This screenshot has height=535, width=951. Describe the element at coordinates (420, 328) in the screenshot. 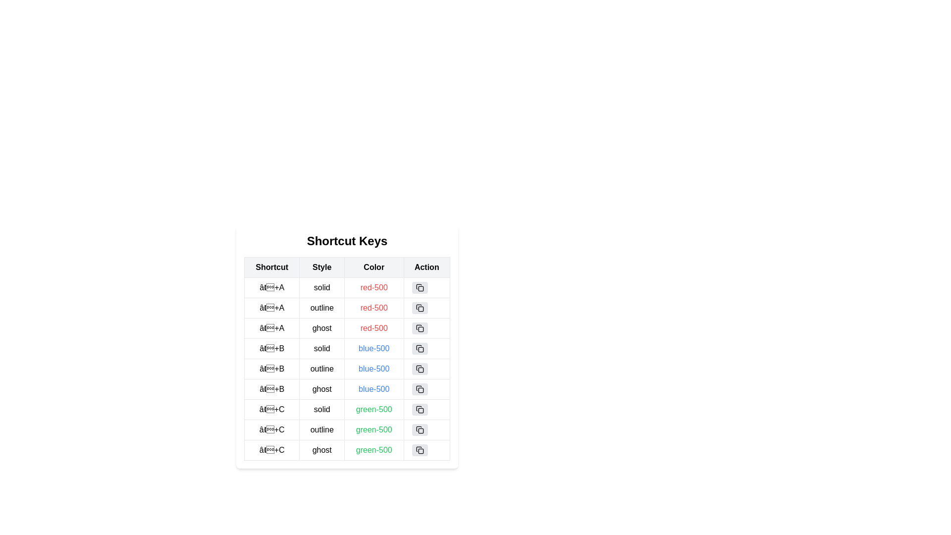

I see `the copy icon located in the 'Action' column of the 'ghost' style and 'red-500' color row, which is styled as a small button with rounded corners` at that location.